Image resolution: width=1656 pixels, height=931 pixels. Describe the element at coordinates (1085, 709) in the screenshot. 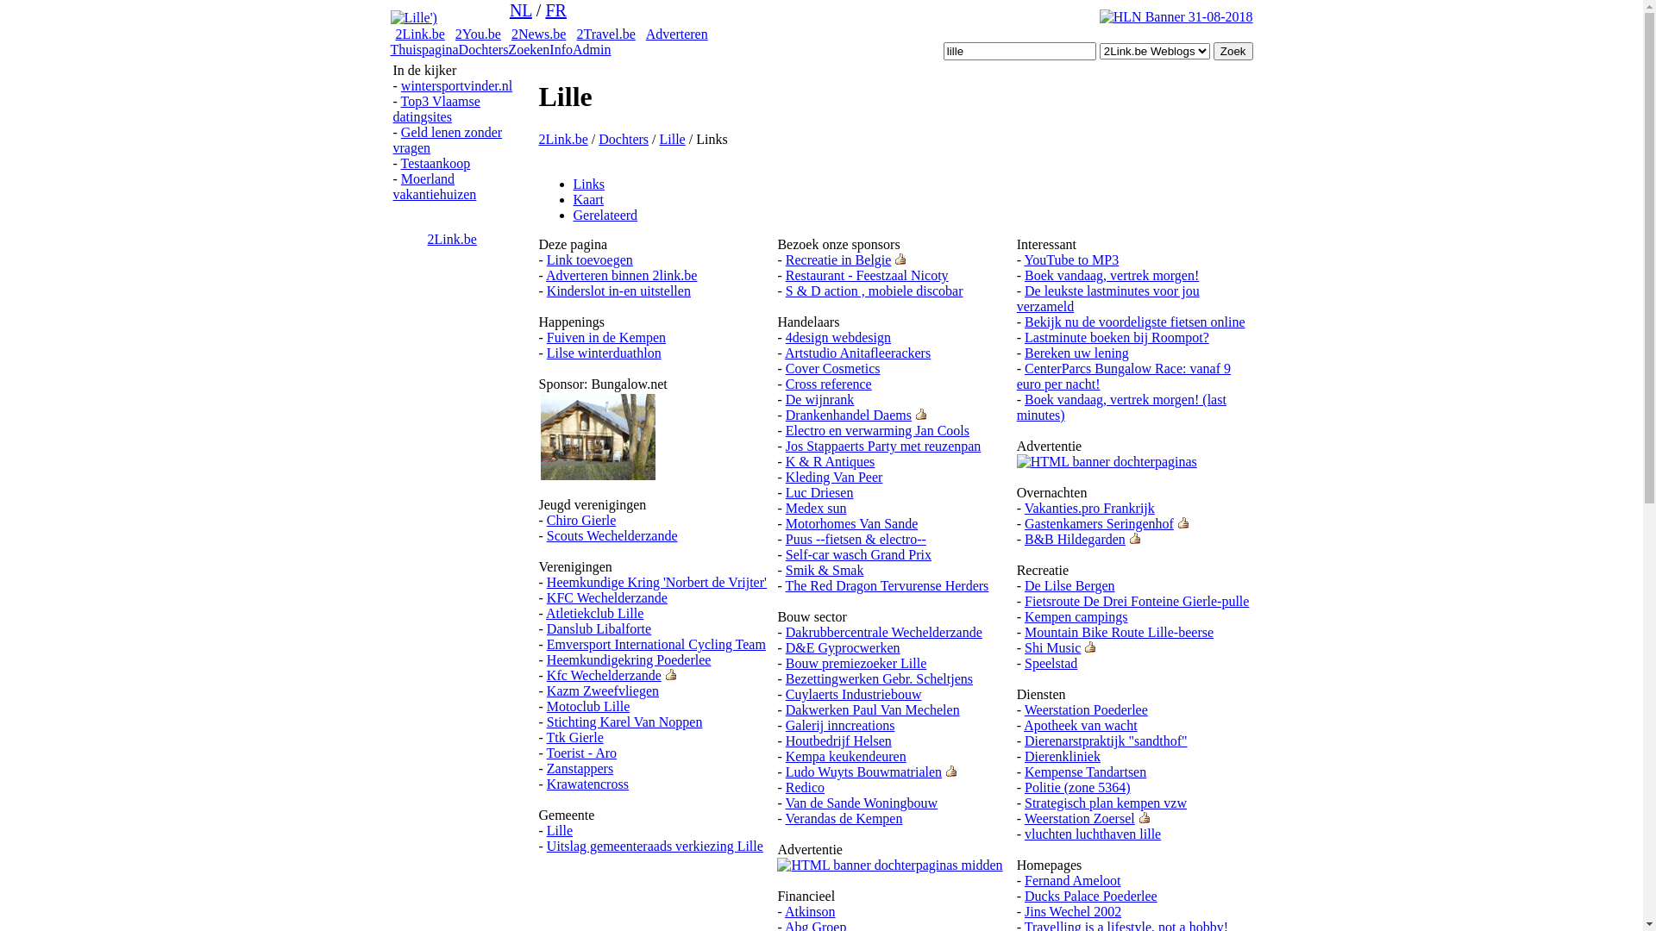

I see `'Weerstation Poederlee'` at that location.